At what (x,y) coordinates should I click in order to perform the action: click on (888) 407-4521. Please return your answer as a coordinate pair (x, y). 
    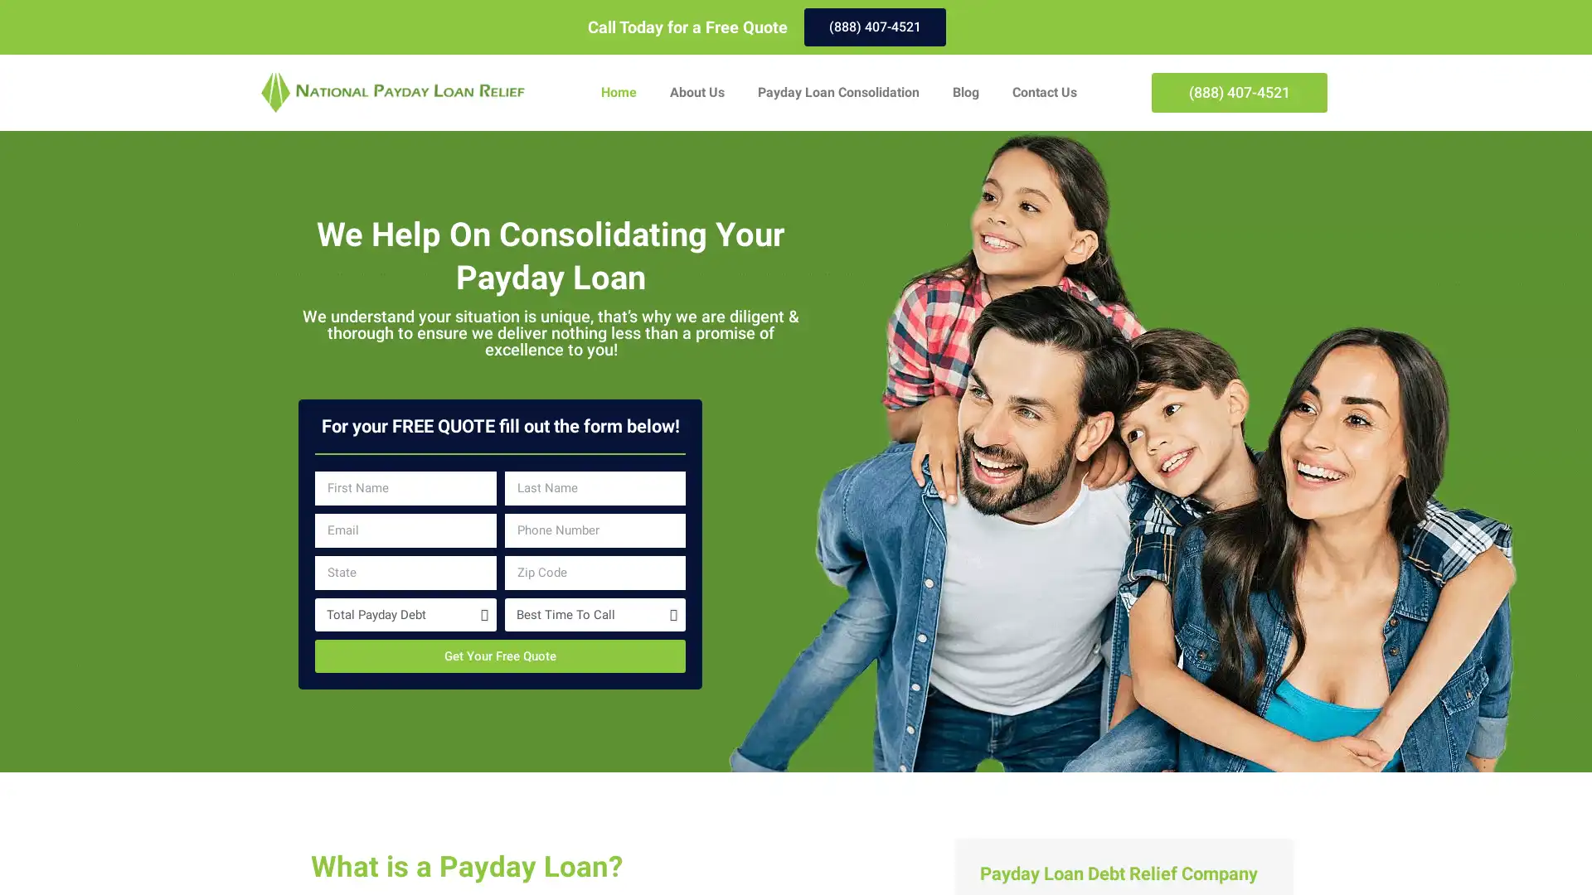
    Looking at the image, I should click on (1239, 92).